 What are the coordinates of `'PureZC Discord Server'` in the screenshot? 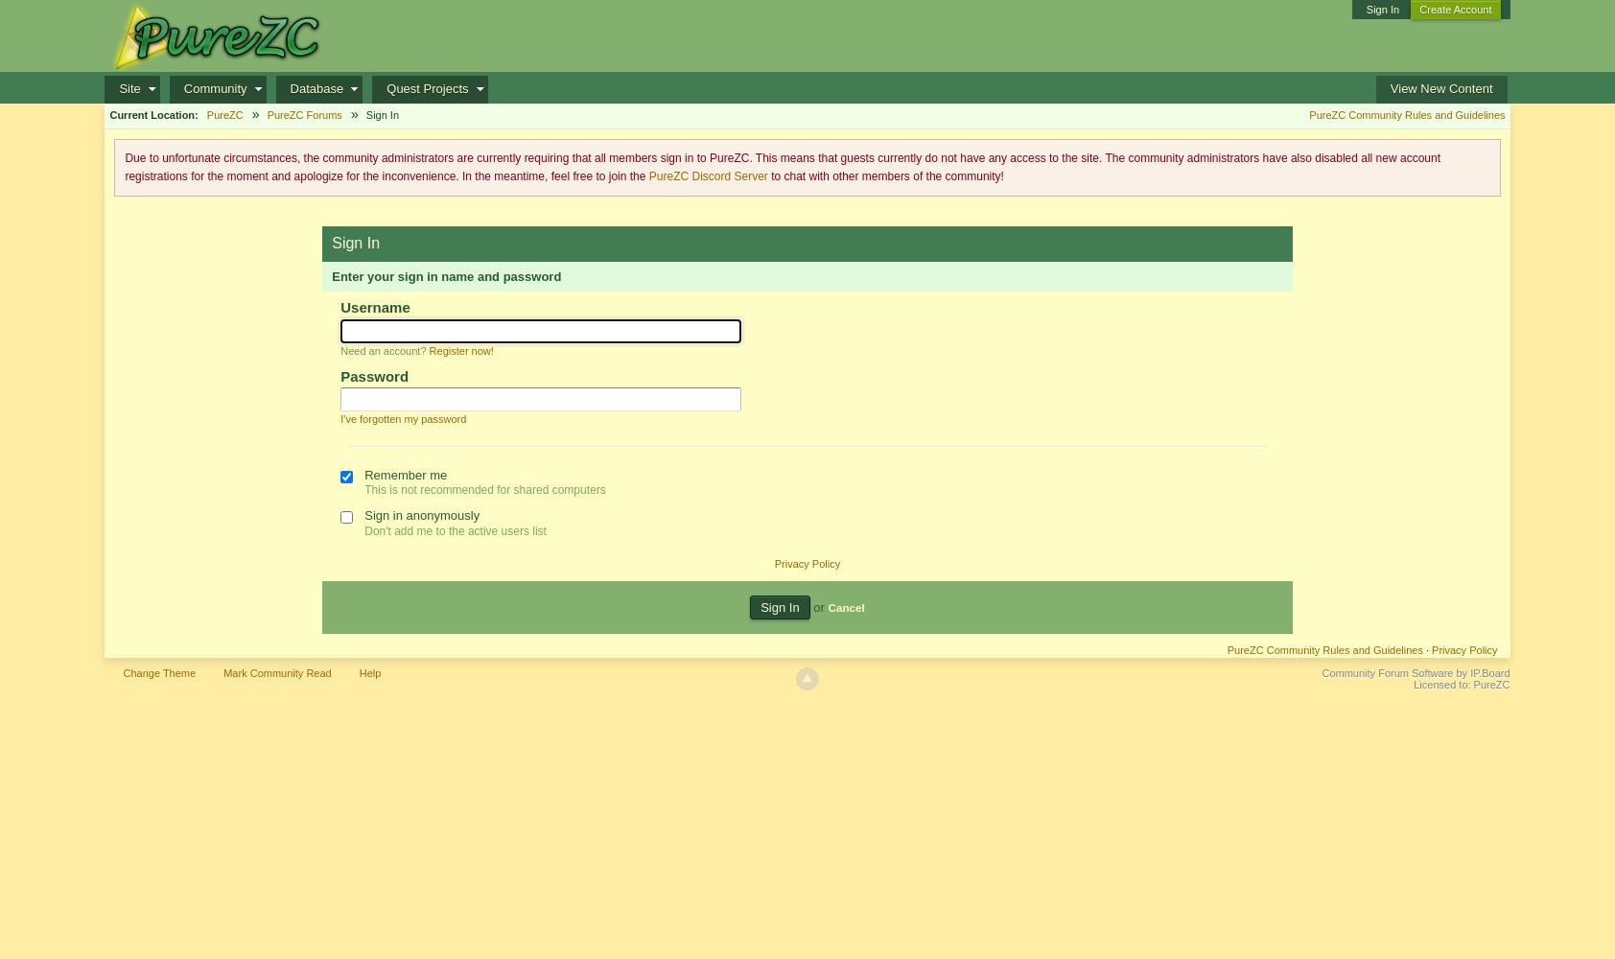 It's located at (707, 175).